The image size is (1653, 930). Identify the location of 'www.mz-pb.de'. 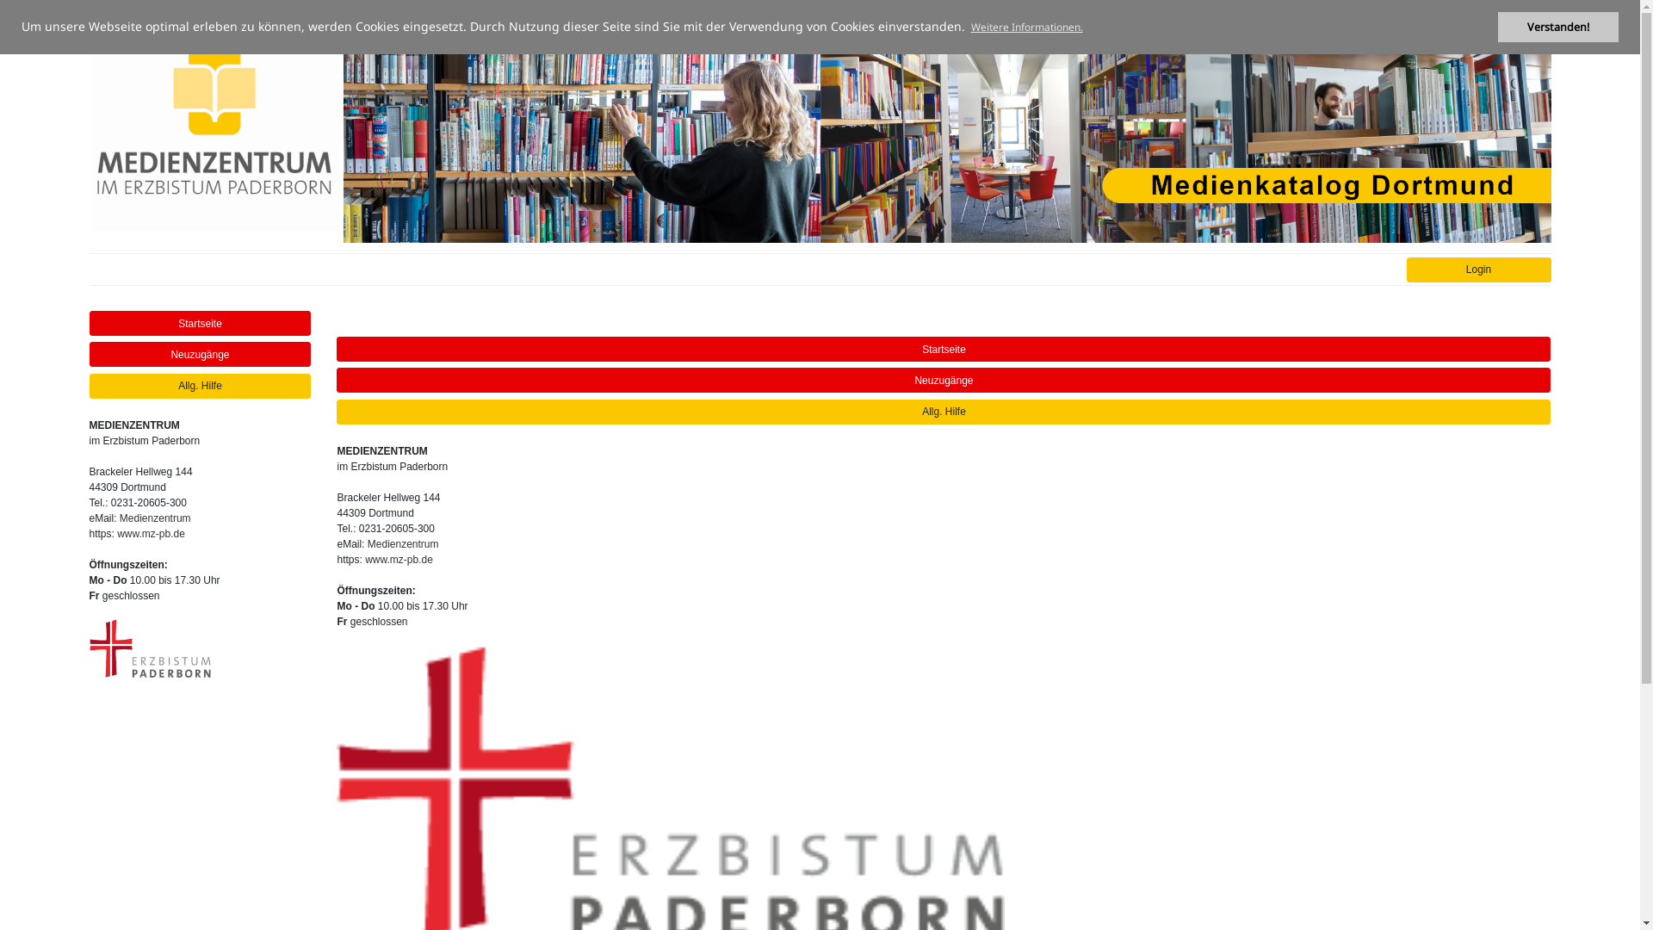
(398, 560).